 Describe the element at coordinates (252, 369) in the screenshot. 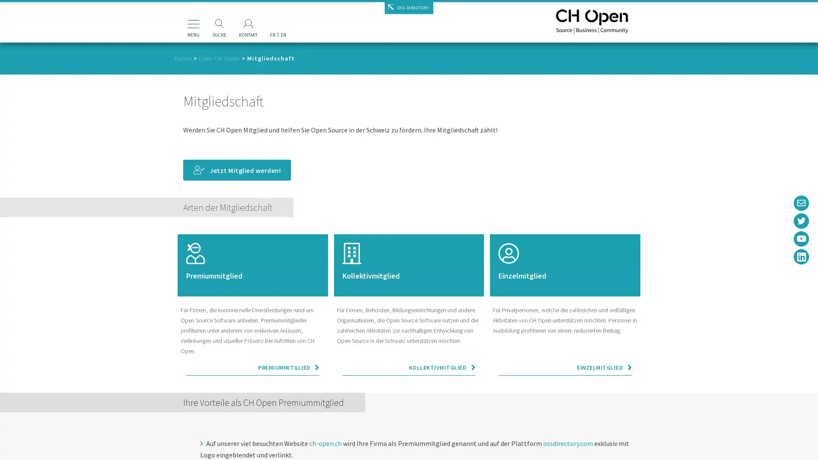

I see `PREMIUMMITGLIED` at that location.